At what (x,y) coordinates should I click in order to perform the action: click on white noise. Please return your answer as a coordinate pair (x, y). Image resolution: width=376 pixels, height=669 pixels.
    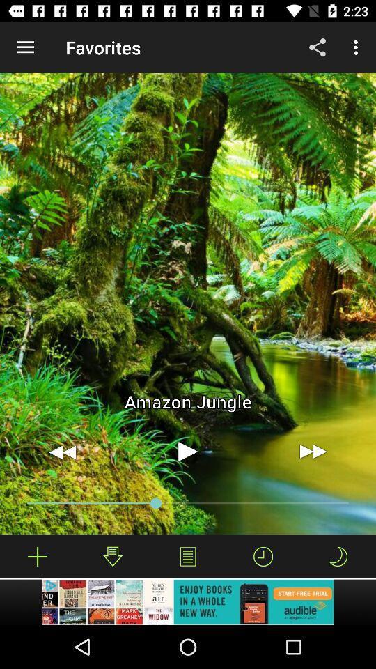
    Looking at the image, I should click on (38, 556).